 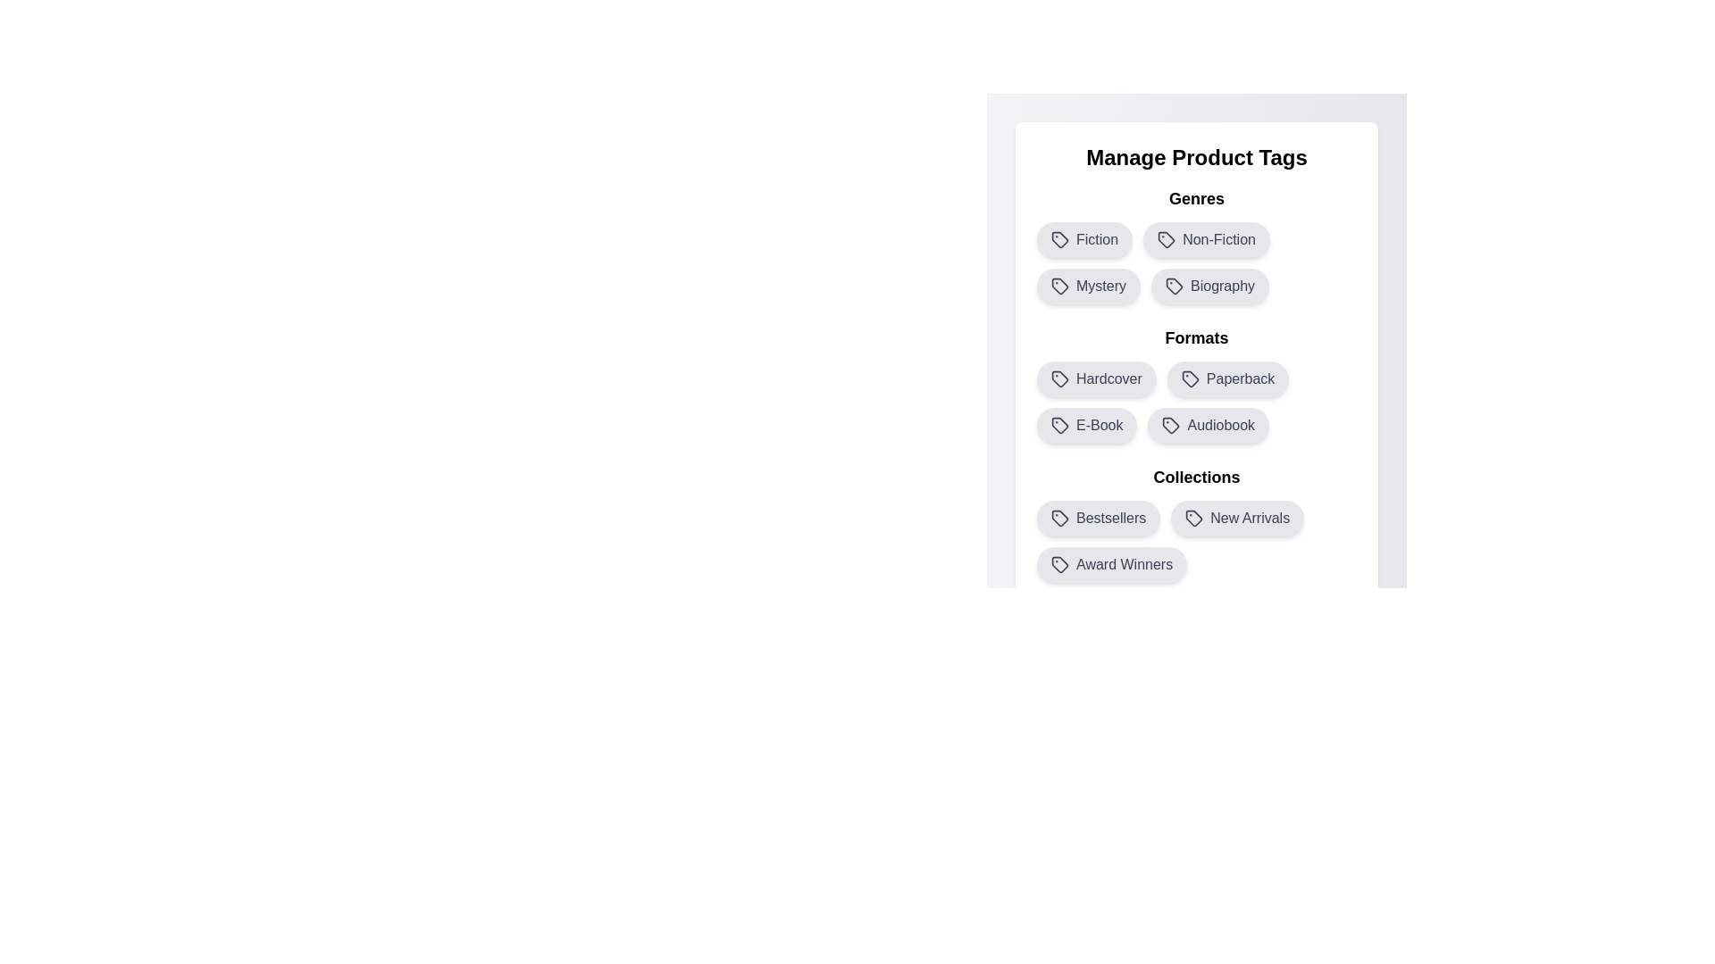 What do you see at coordinates (1236, 519) in the screenshot?
I see `the rounded light gray button labeled 'New Arrivals' which is the second button in the 'Collections' section, located to the right of the 'Bestsellers' button` at bounding box center [1236, 519].